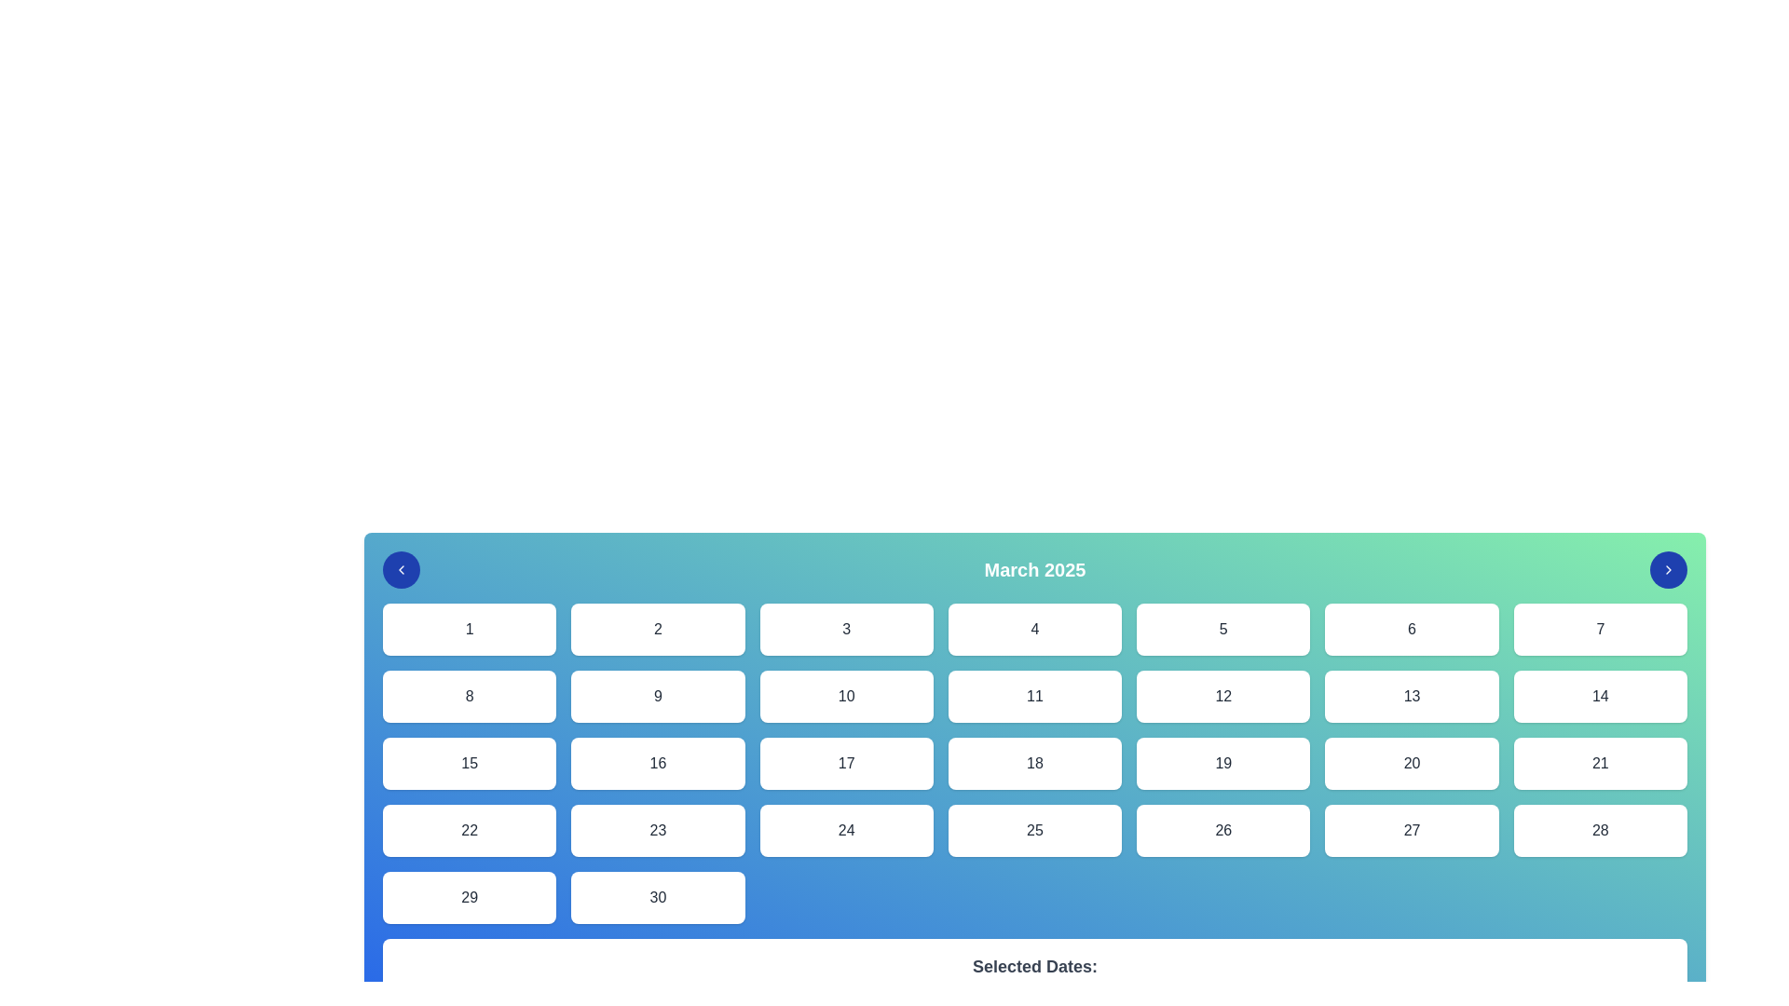 This screenshot has width=1789, height=1006. What do you see at coordinates (470, 764) in the screenshot?
I see `the date selection button for the 15th day of the month in the calendar interface` at bounding box center [470, 764].